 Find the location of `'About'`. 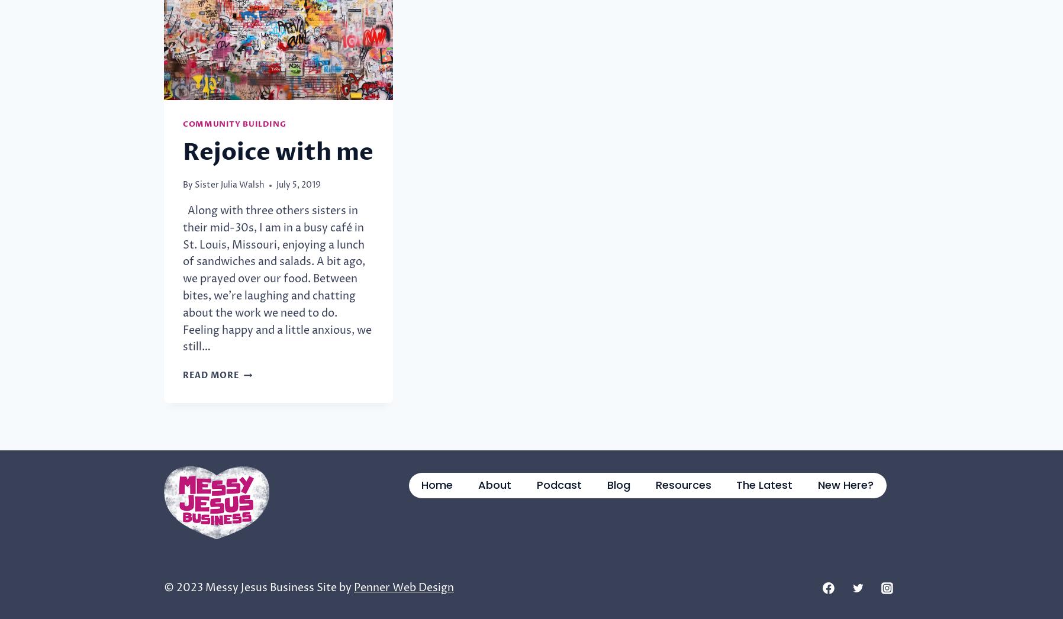

'About' is located at coordinates (495, 484).